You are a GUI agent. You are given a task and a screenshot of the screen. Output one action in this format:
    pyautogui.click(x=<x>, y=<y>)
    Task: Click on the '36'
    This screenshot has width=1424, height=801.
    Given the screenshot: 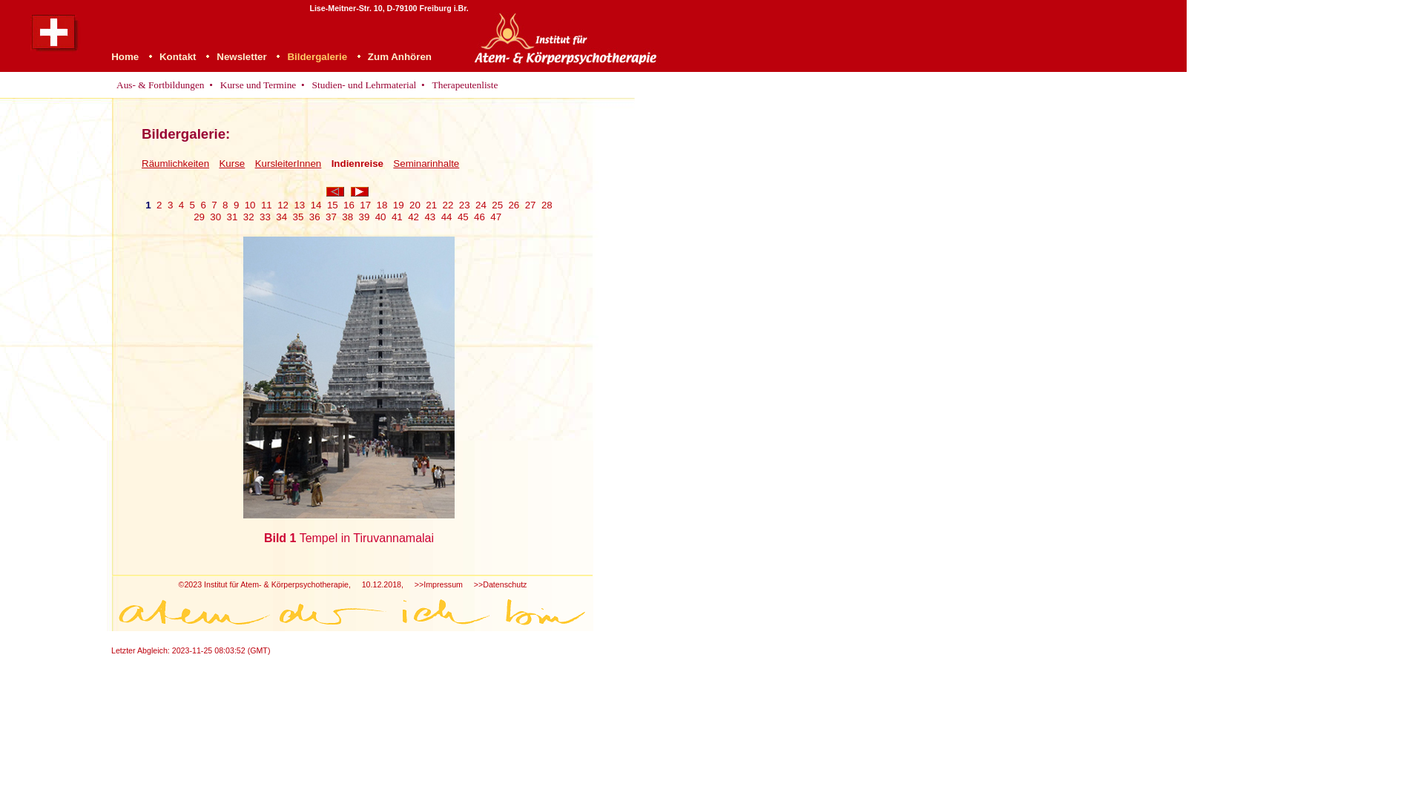 What is the action you would take?
    pyautogui.click(x=309, y=217)
    